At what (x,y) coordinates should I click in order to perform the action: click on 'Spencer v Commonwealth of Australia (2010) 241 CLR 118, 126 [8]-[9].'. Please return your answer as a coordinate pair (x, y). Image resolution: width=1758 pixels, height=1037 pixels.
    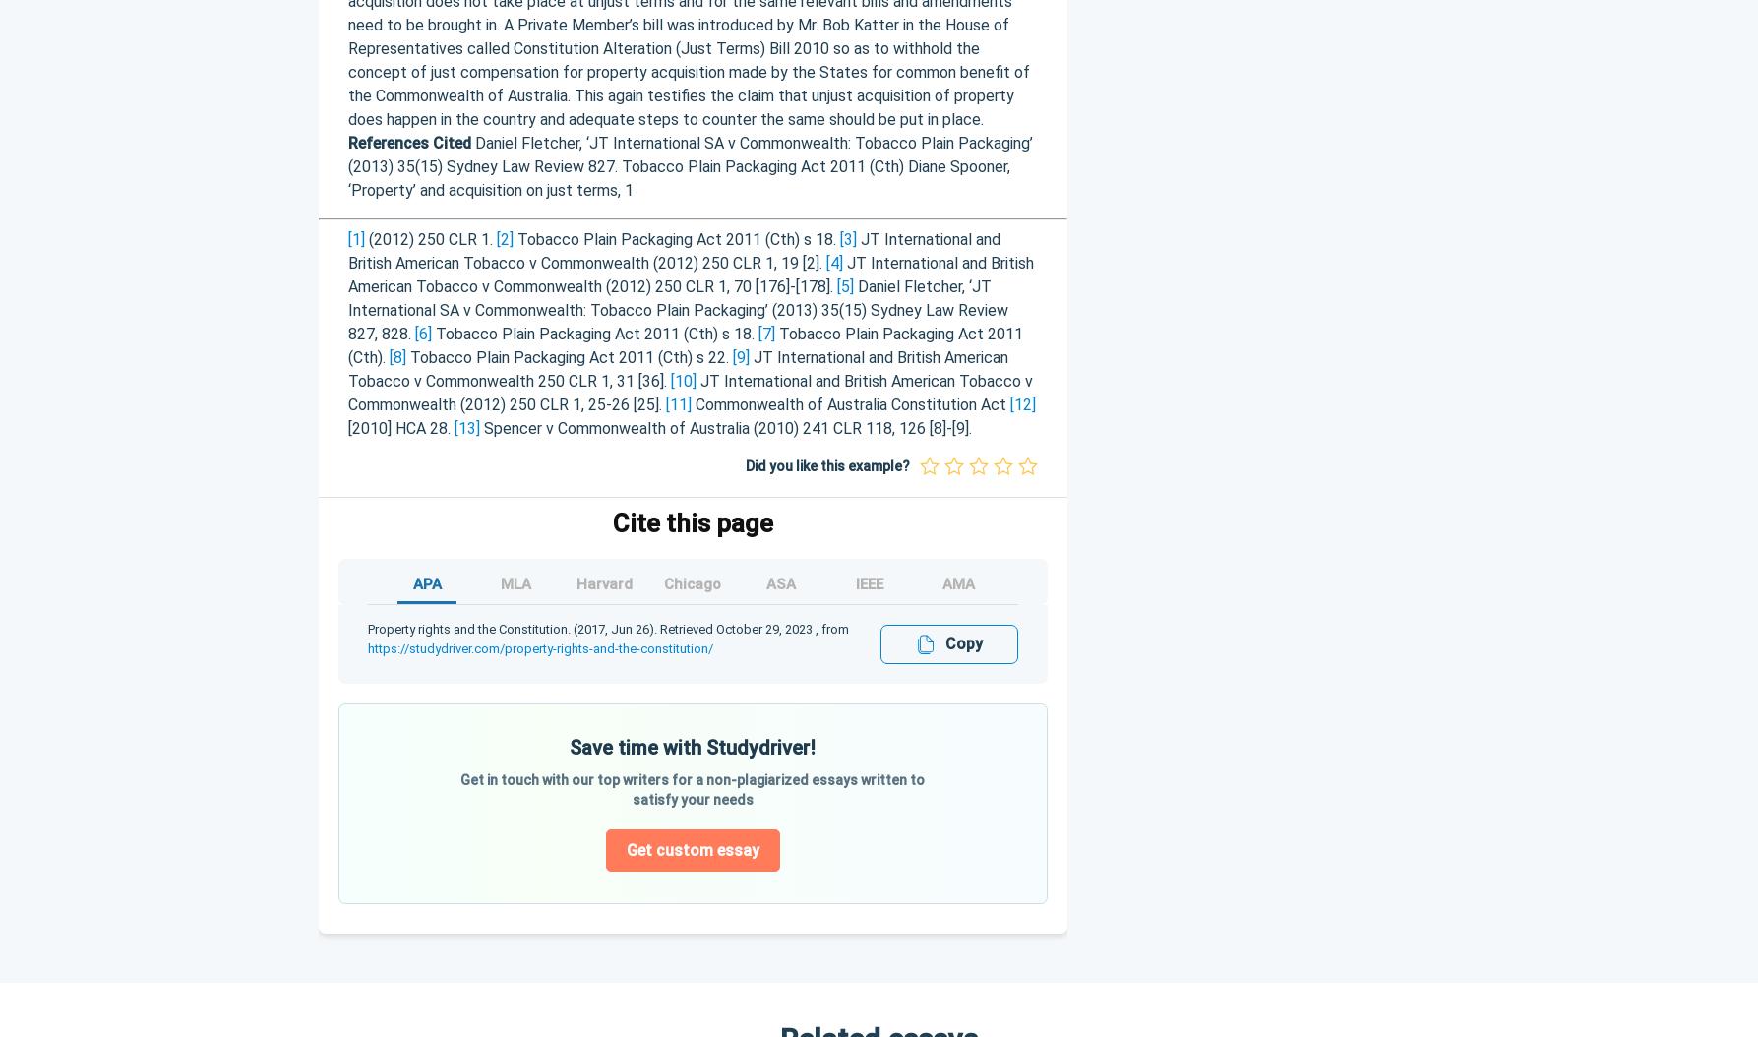
    Looking at the image, I should click on (478, 427).